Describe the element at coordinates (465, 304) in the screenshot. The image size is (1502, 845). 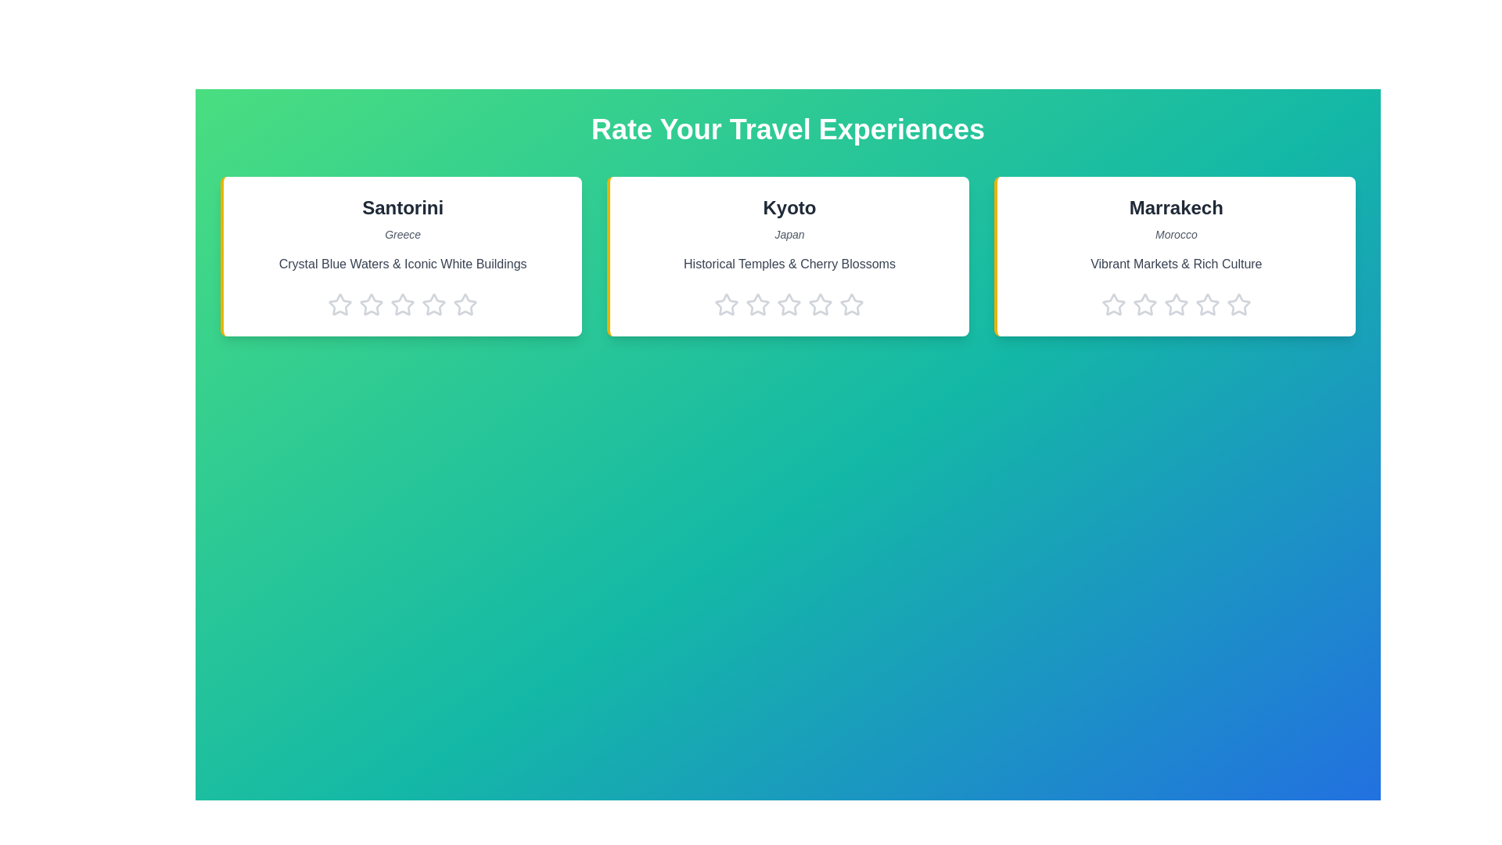
I see `the rating for a destination to 5 stars` at that location.